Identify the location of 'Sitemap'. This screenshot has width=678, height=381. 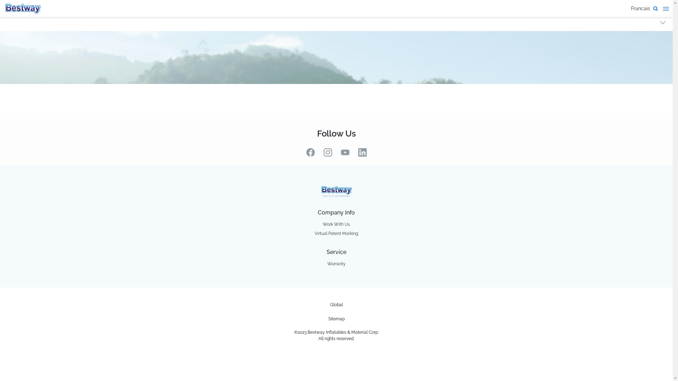
(336, 319).